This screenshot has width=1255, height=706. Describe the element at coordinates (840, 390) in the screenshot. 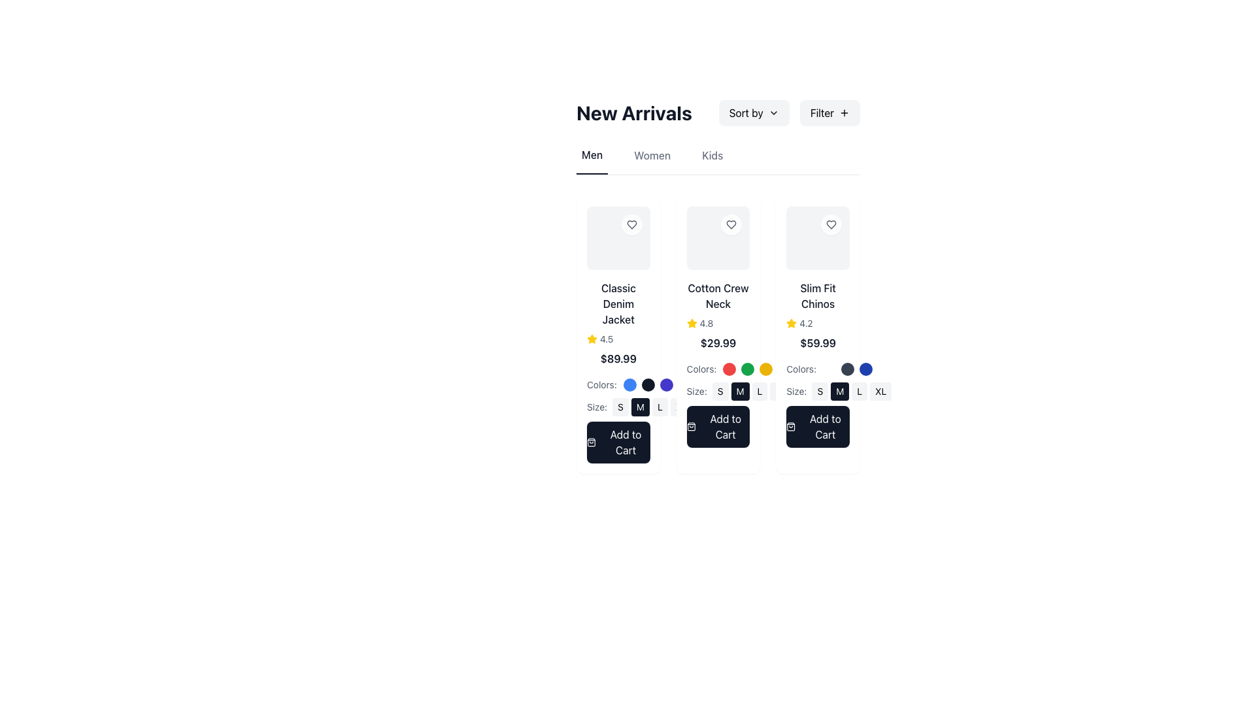

I see `the 'M' size selection button in the third product card to indicate the selection visually and update the product size` at that location.